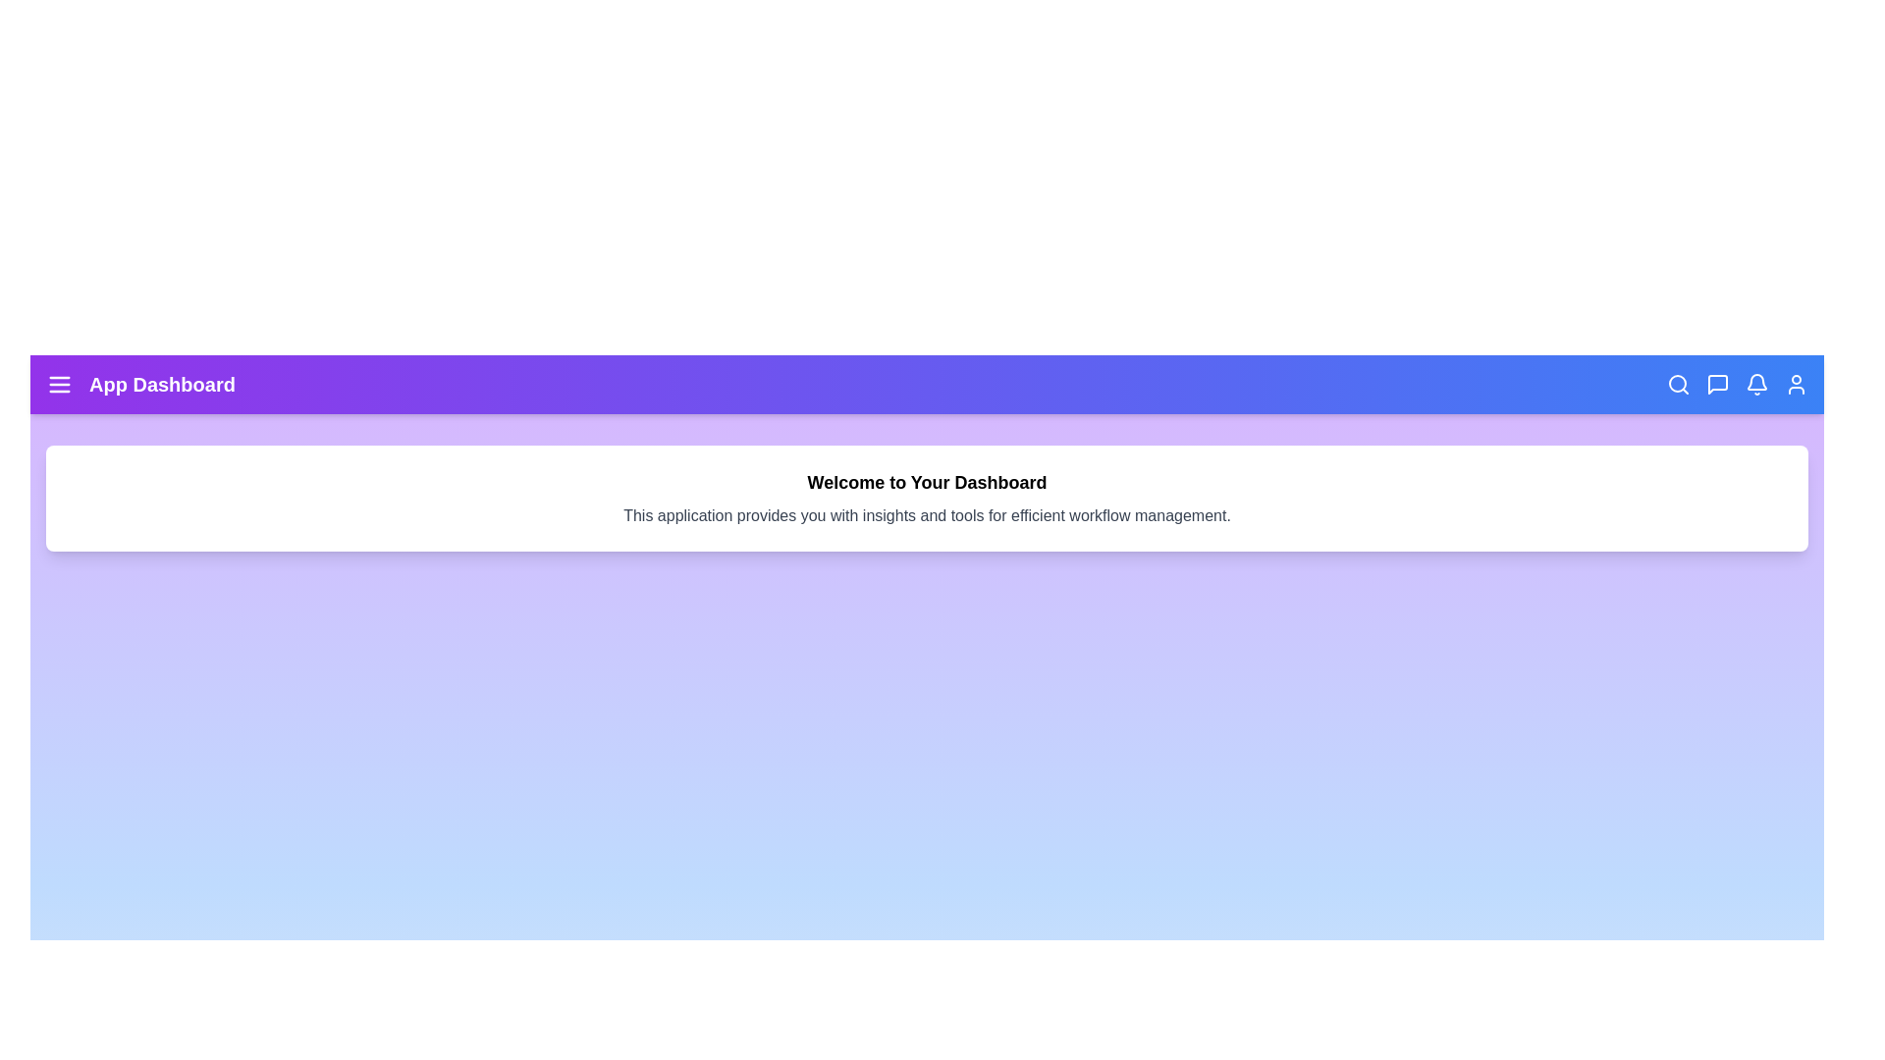 The image size is (1885, 1060). Describe the element at coordinates (88, 371) in the screenshot. I see `the text 'App Dashboard' by dragging the mouse from the start to the end of the text` at that location.